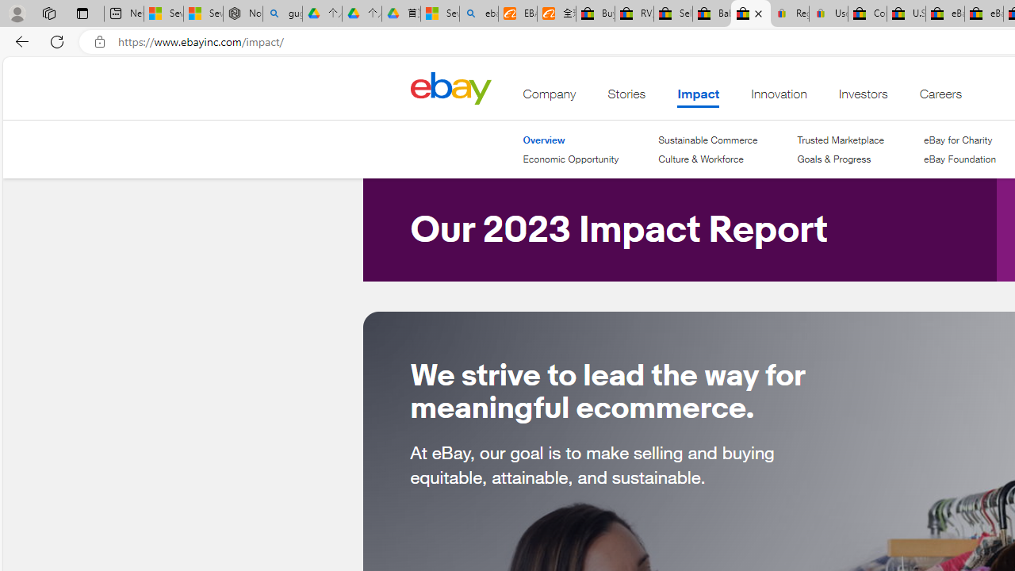 The height and width of the screenshot is (571, 1015). What do you see at coordinates (956, 139) in the screenshot?
I see `'eBay for Charity'` at bounding box center [956, 139].